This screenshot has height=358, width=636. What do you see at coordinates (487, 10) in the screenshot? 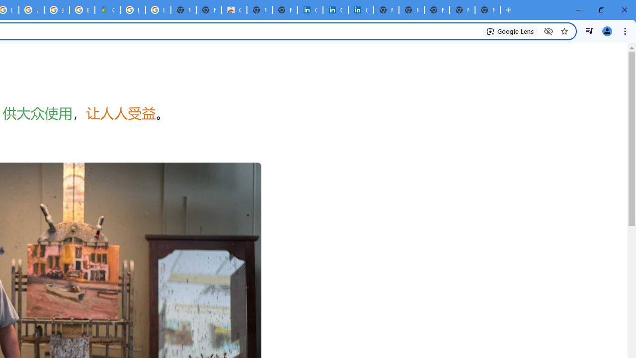
I see `'New Tab'` at bounding box center [487, 10].